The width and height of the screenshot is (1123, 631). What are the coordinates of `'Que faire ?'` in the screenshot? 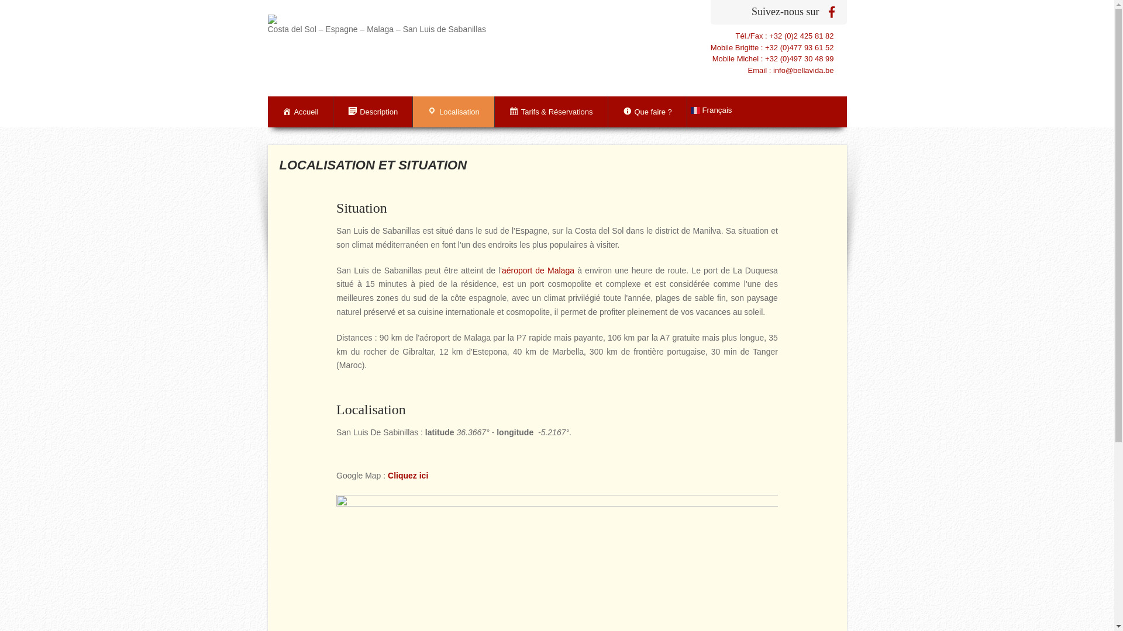 It's located at (647, 112).